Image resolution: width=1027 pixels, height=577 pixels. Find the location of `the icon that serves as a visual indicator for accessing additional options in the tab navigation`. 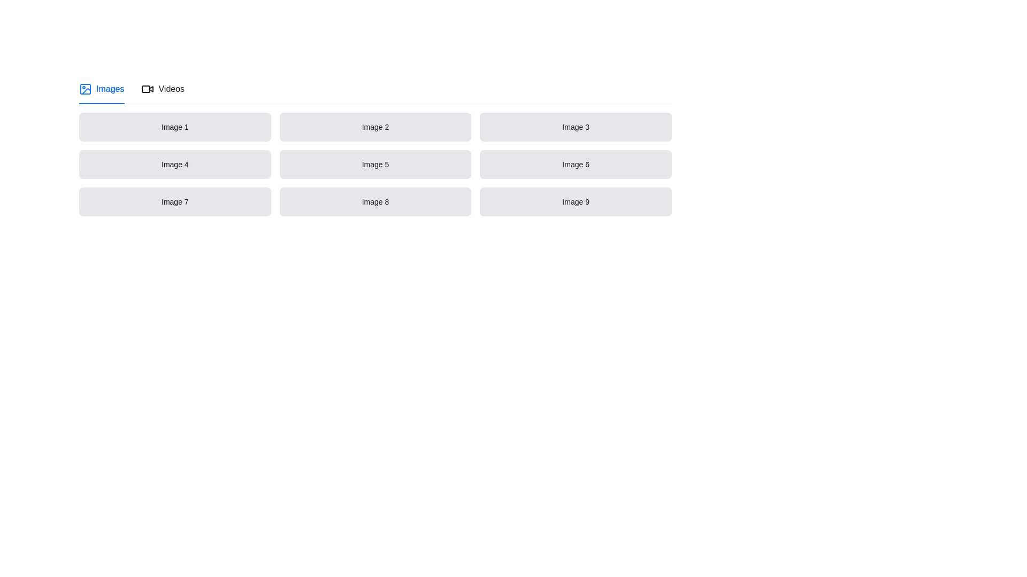

the icon that serves as a visual indicator for accessing additional options in the tab navigation is located at coordinates (91, 83).